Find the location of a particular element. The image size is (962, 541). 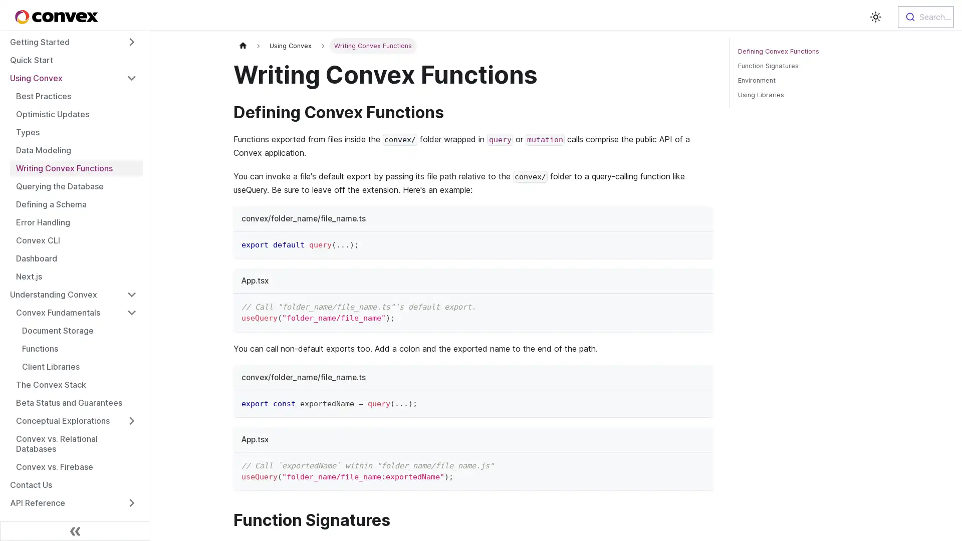

Copy code to clipboard is located at coordinates (700, 243).